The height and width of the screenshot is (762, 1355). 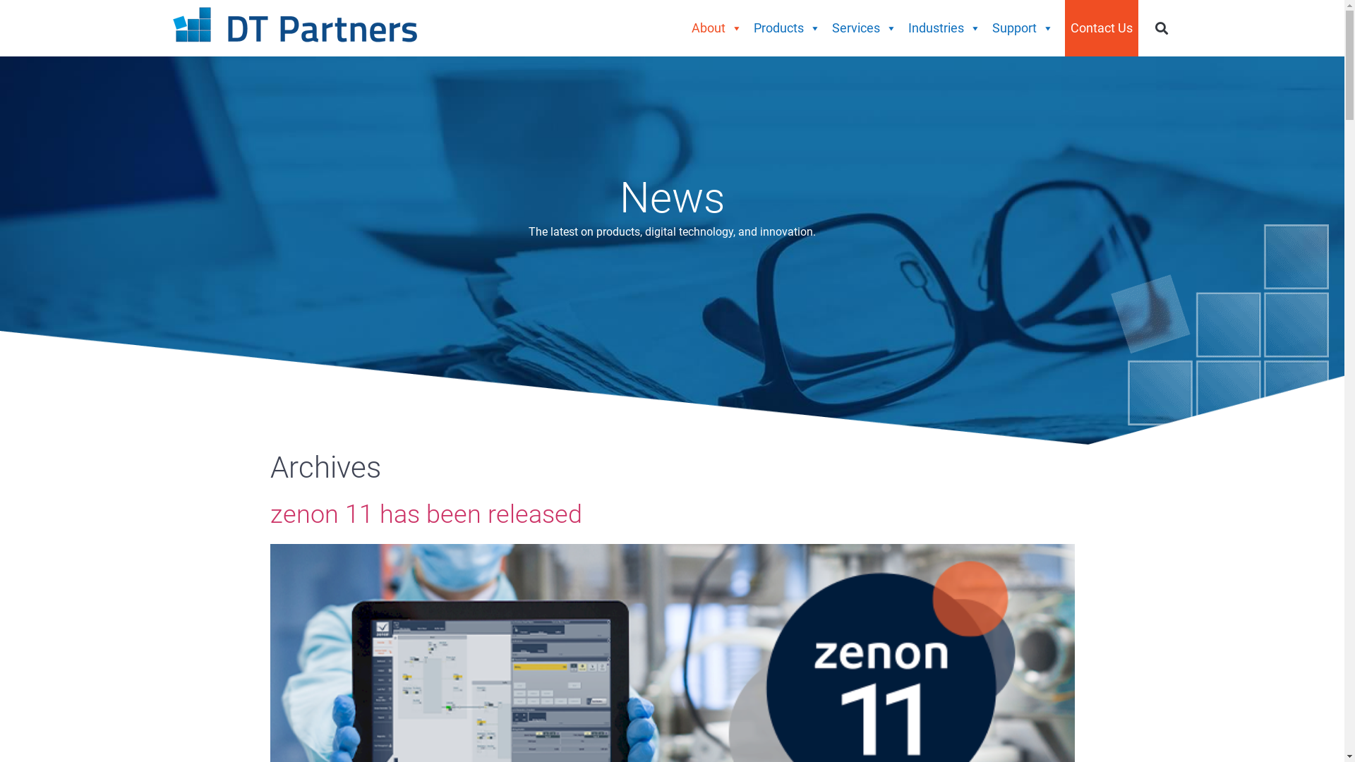 I want to click on 'Industries', so click(x=908, y=28).